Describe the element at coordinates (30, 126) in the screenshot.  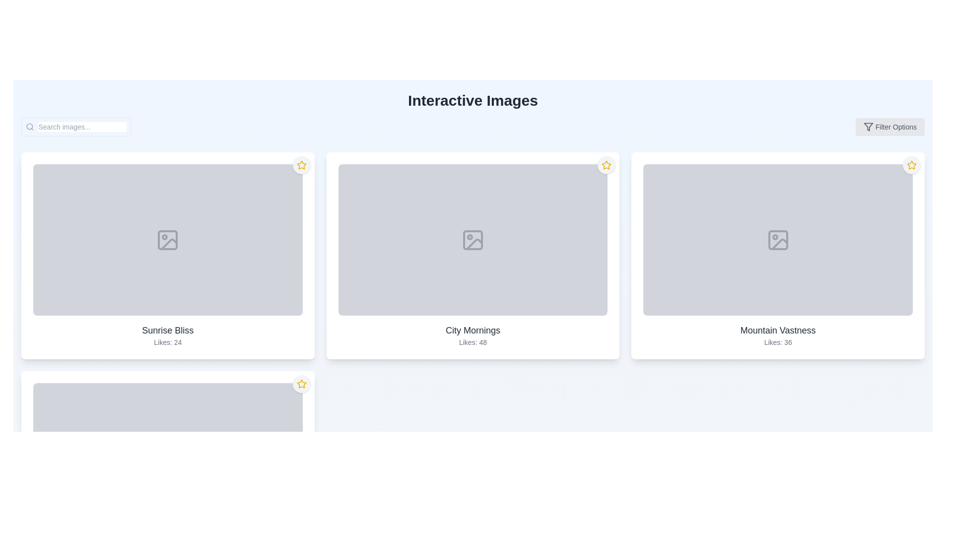
I see `the search icon located in the top-left corner of the display, which serves as a visual cue for initiating a search query` at that location.